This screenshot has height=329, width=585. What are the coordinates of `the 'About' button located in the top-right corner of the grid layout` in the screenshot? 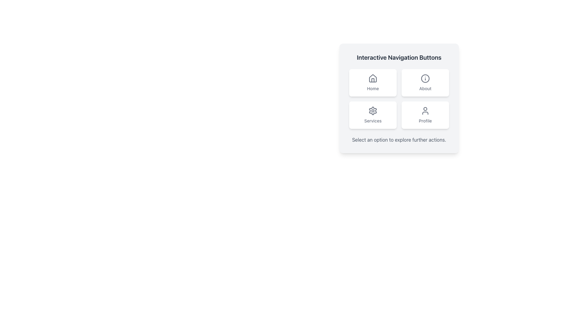 It's located at (425, 83).